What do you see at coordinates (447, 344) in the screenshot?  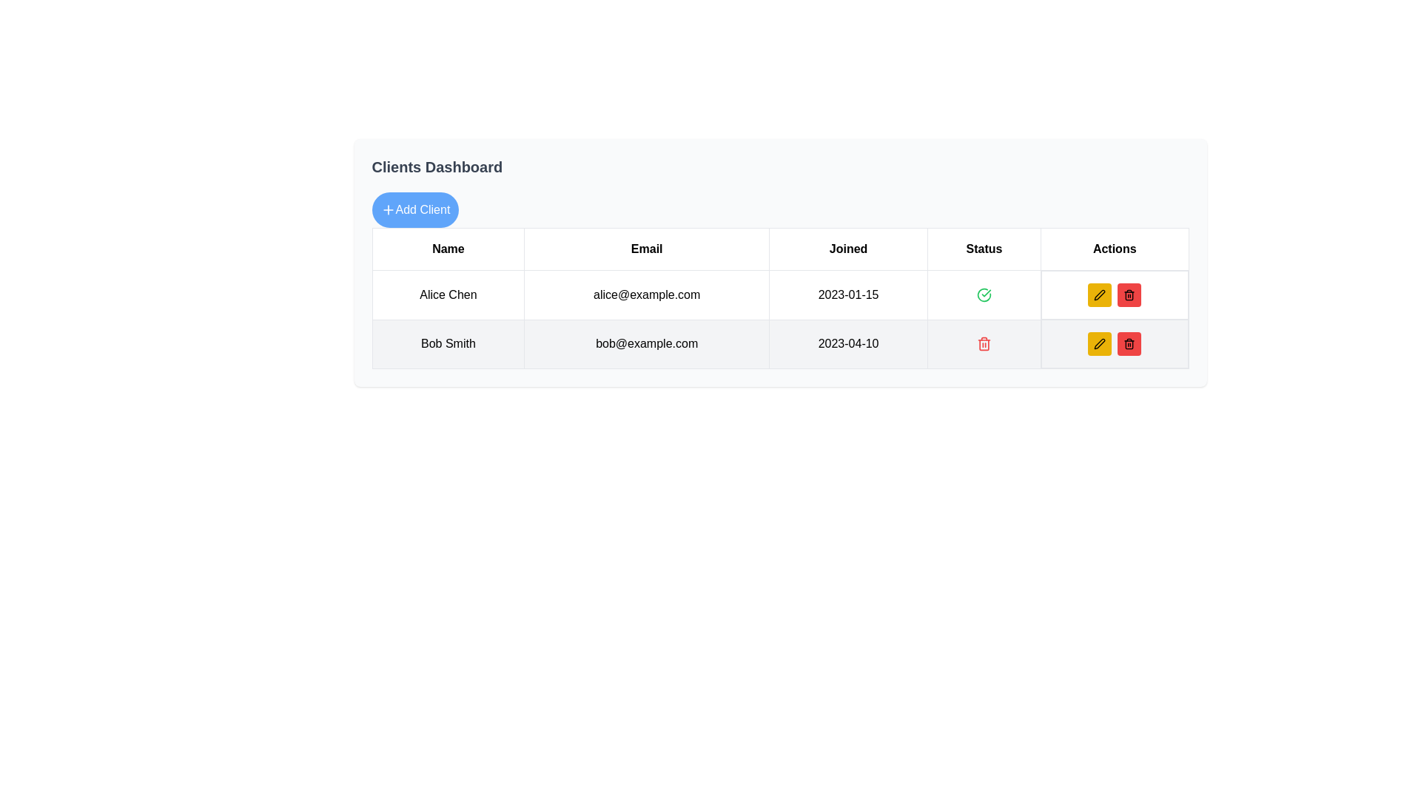 I see `the text in the table cell displaying the name 'Bob Smith', located in the second row under the 'Name' column` at bounding box center [447, 344].